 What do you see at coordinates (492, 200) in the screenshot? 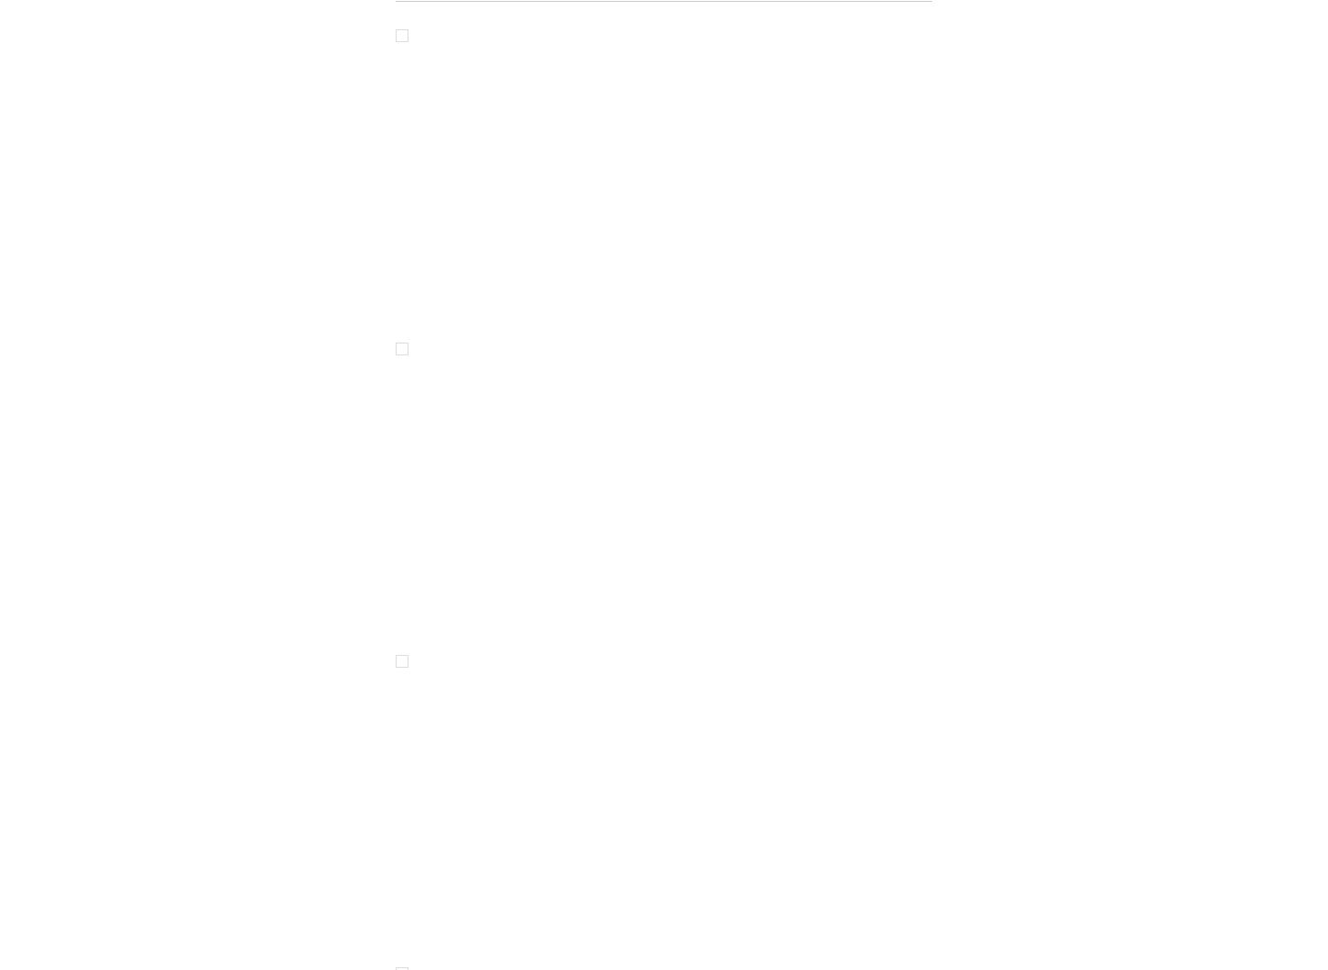
I see `'ENTABLATURE'` at bounding box center [492, 200].